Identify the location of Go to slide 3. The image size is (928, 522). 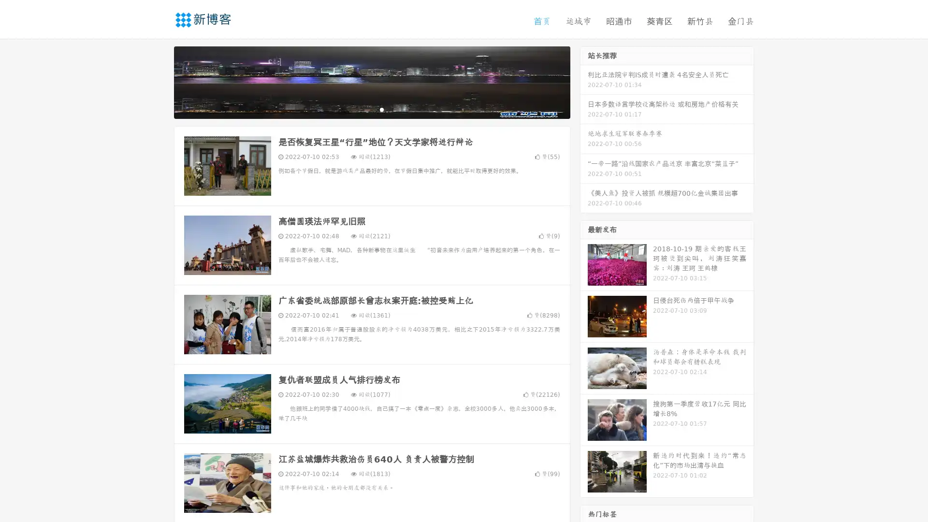
(381, 109).